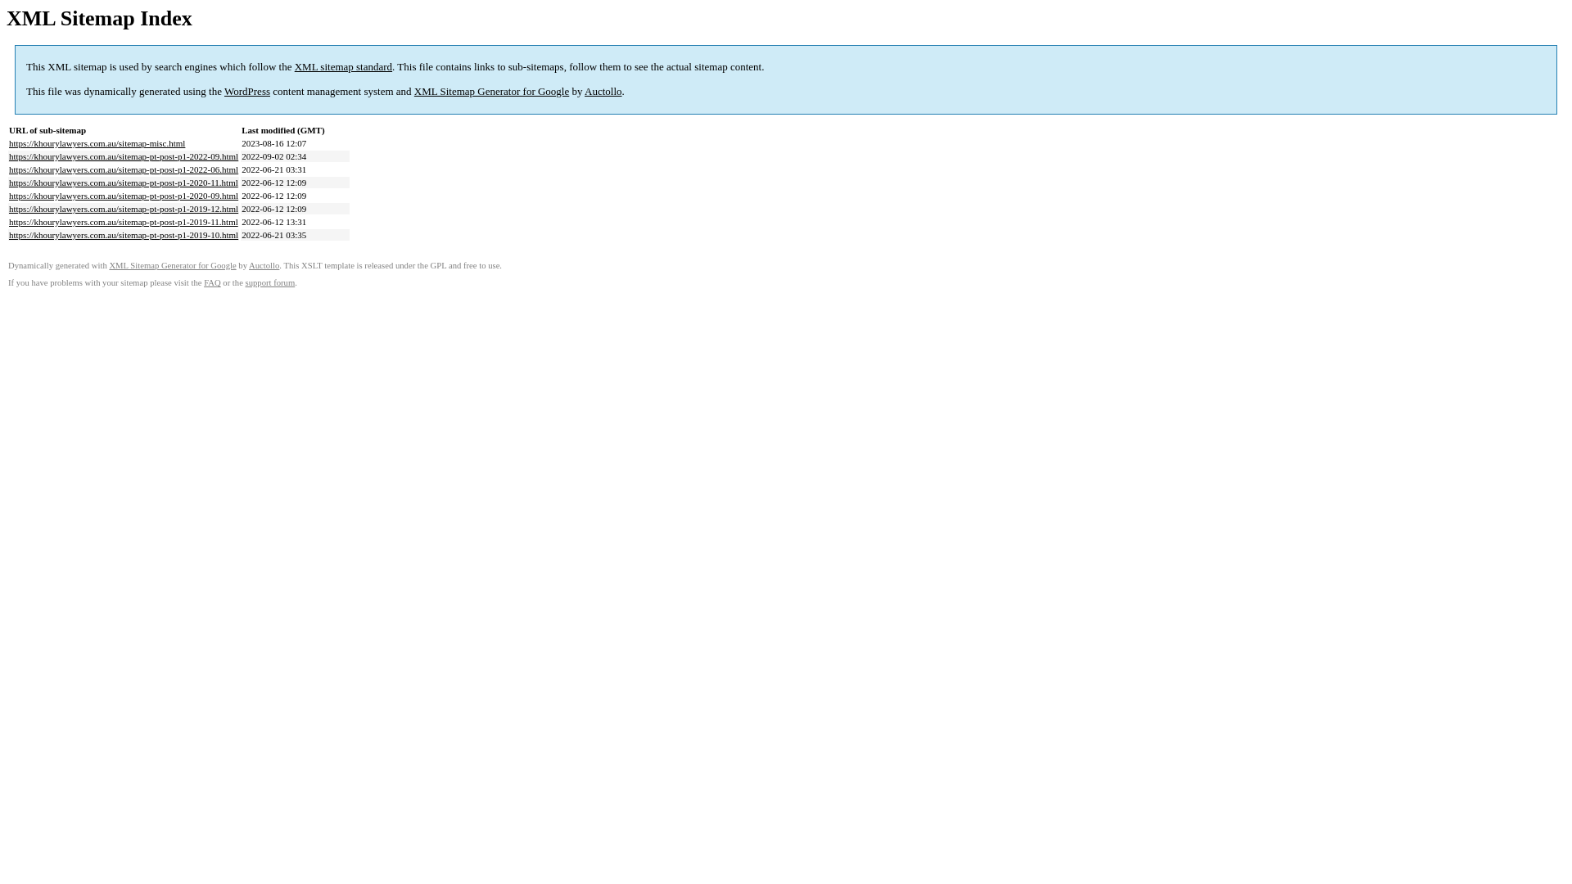 The width and height of the screenshot is (1572, 884). I want to click on 'Auctollo', so click(603, 91).